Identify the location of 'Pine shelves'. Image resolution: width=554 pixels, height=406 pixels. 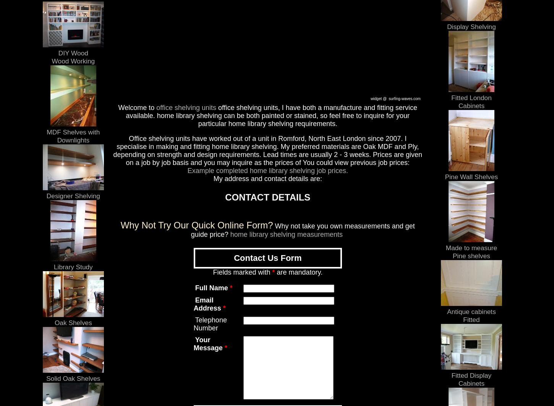
(471, 255).